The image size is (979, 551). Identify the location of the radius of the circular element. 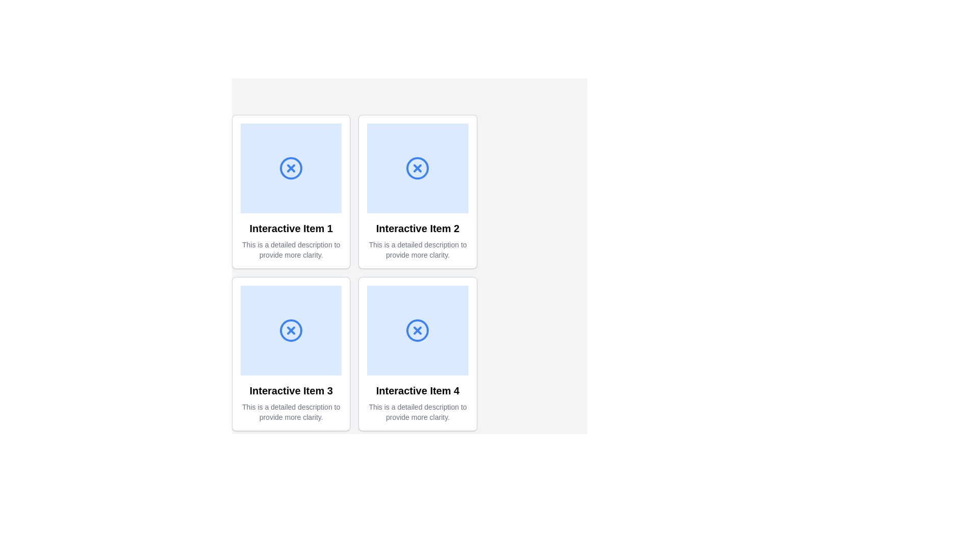
(446, 168).